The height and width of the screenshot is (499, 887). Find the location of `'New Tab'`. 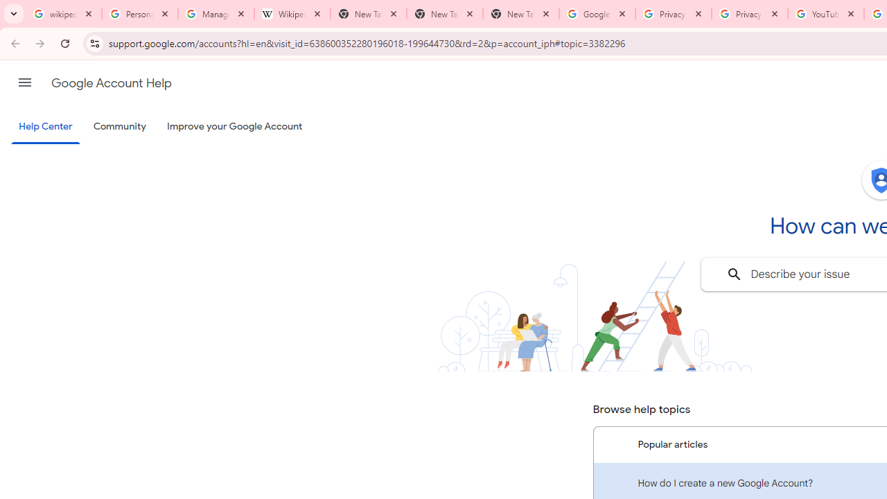

'New Tab' is located at coordinates (520, 14).